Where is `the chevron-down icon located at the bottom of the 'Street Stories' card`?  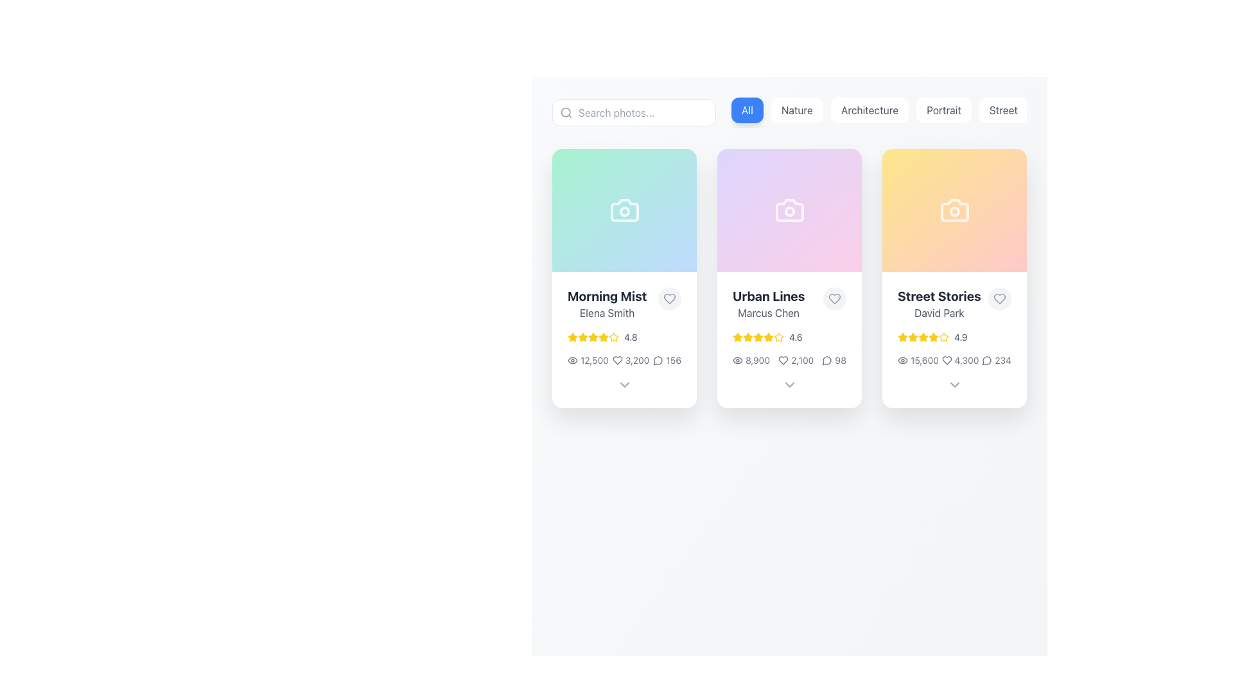
the chevron-down icon located at the bottom of the 'Street Stories' card is located at coordinates (954, 384).